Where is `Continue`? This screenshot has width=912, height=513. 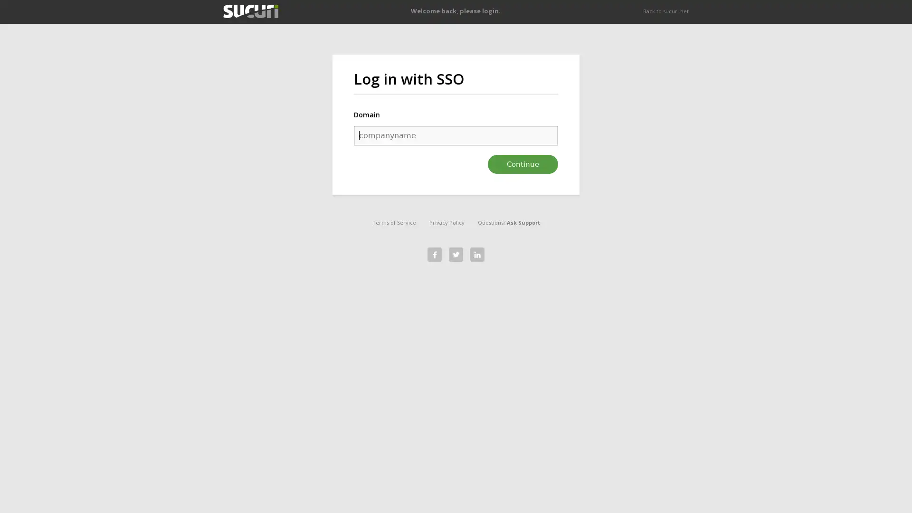 Continue is located at coordinates (522, 164).